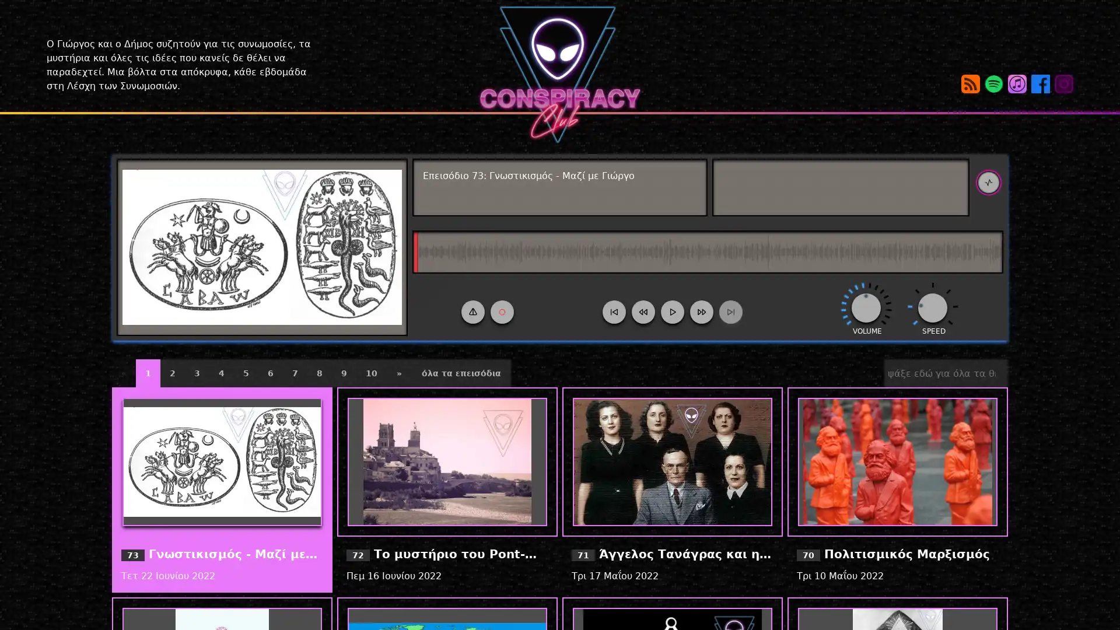  What do you see at coordinates (246, 373) in the screenshot?
I see `5` at bounding box center [246, 373].